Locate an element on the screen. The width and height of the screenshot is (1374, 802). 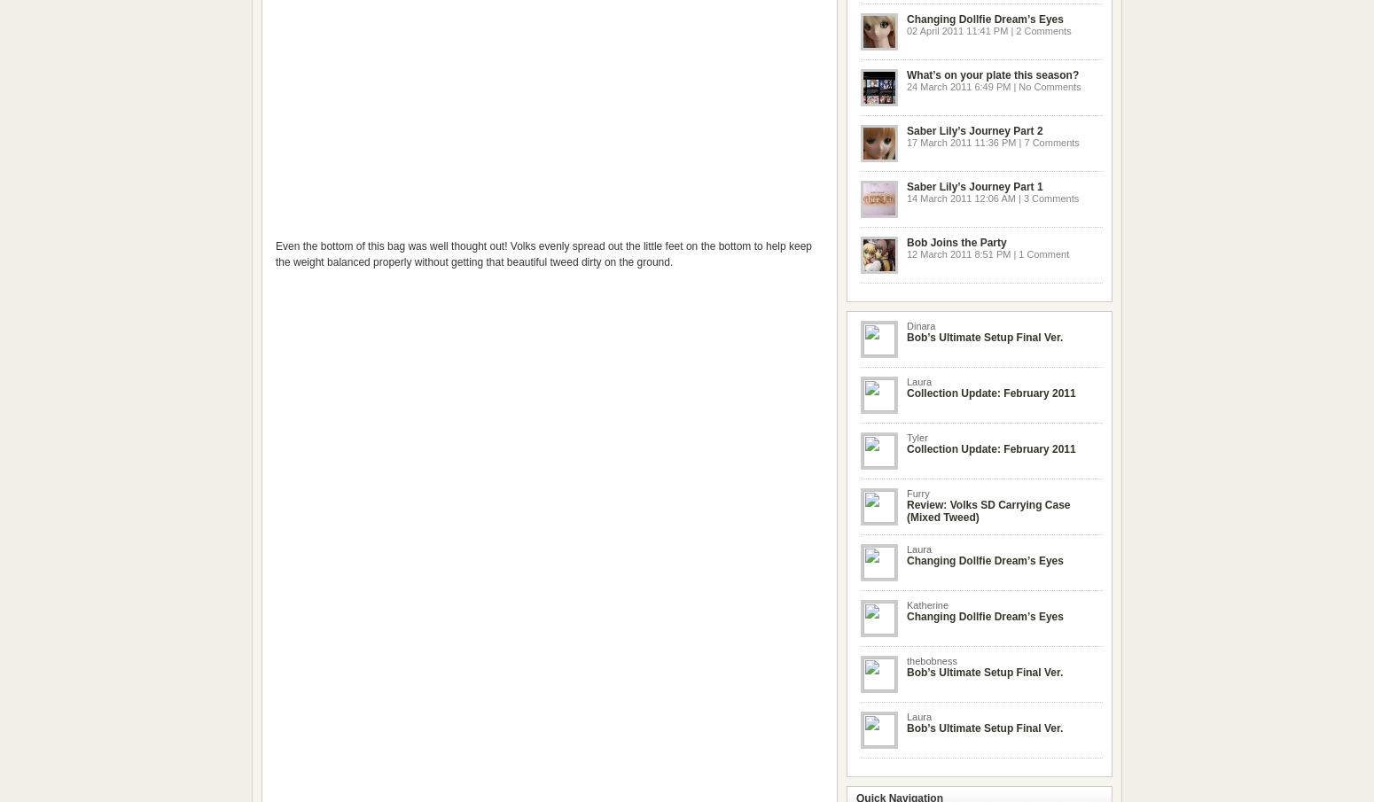
'12 March 2011 8:51 PM | 
						1 Comment' is located at coordinates (987, 253).